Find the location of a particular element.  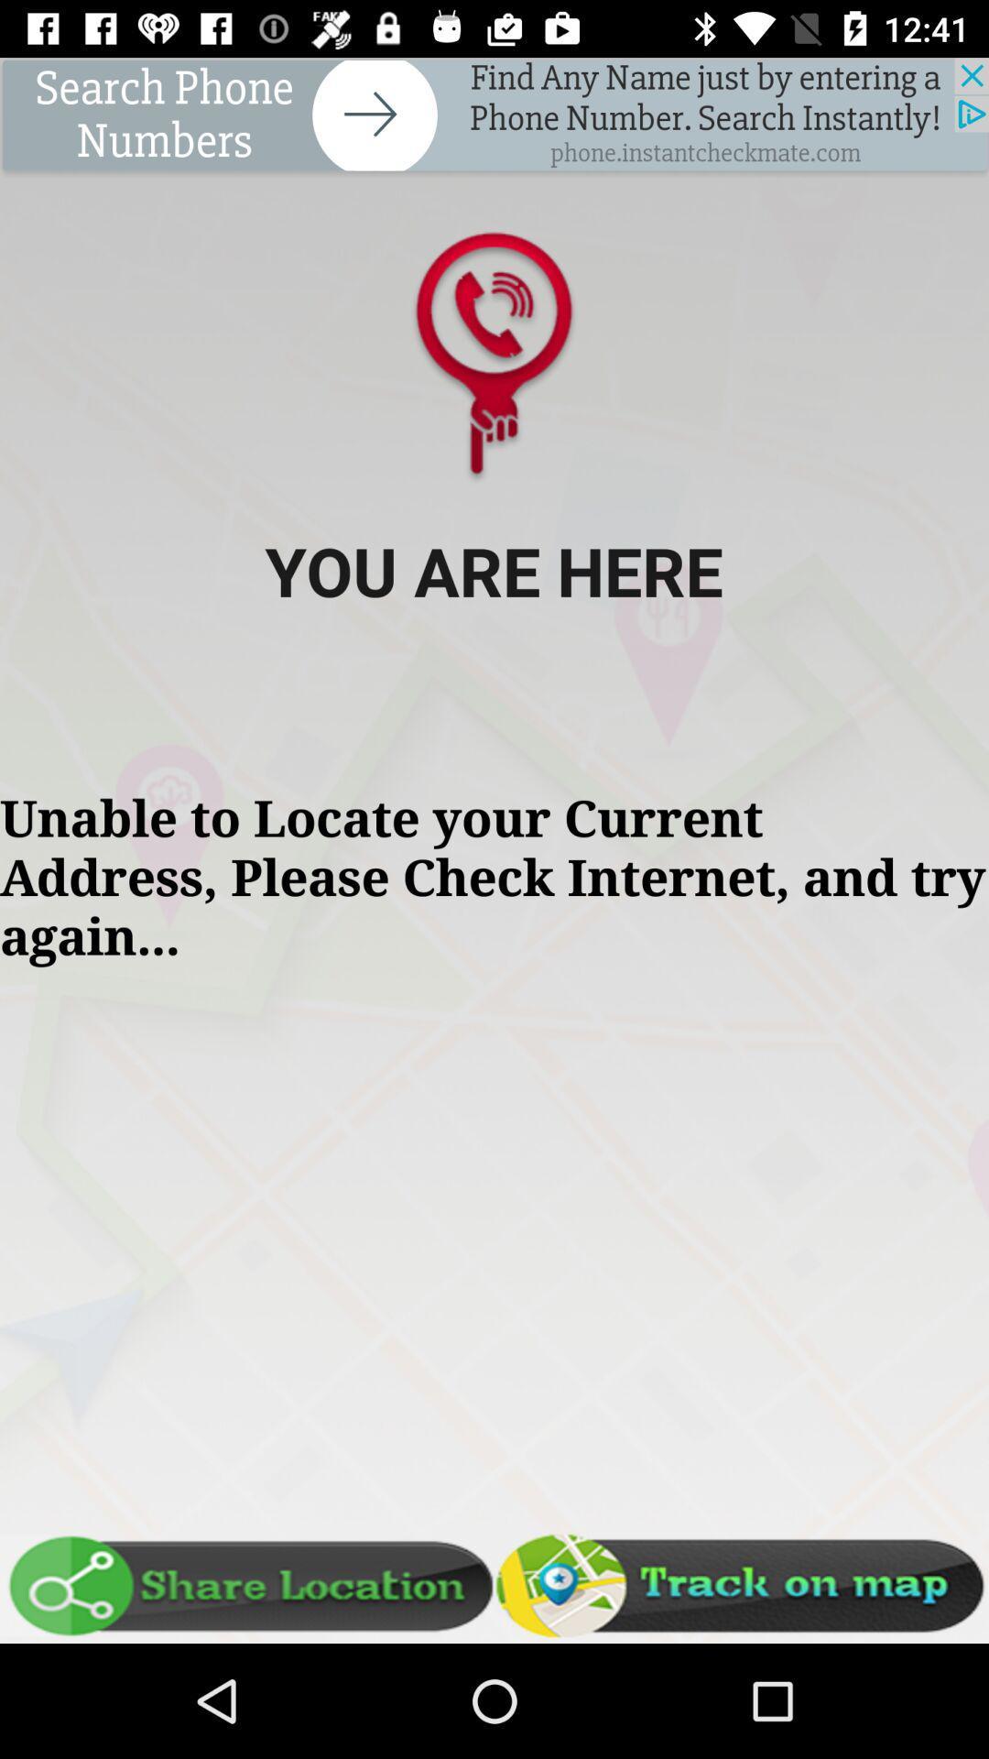

track map is located at coordinates (742, 1585).